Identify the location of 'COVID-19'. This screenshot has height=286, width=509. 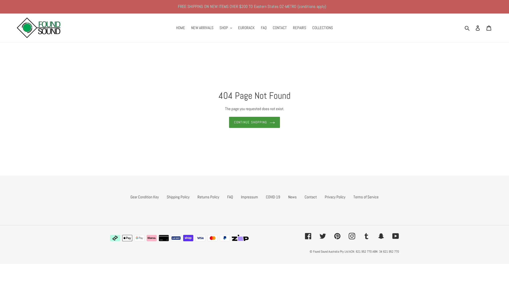
(273, 197).